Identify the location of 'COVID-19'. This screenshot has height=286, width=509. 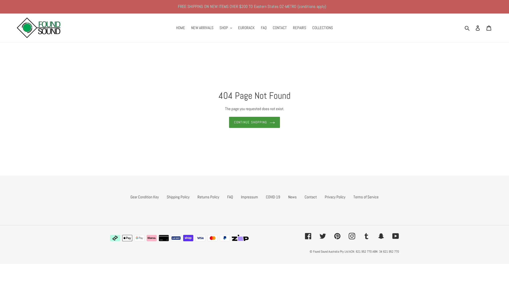
(273, 197).